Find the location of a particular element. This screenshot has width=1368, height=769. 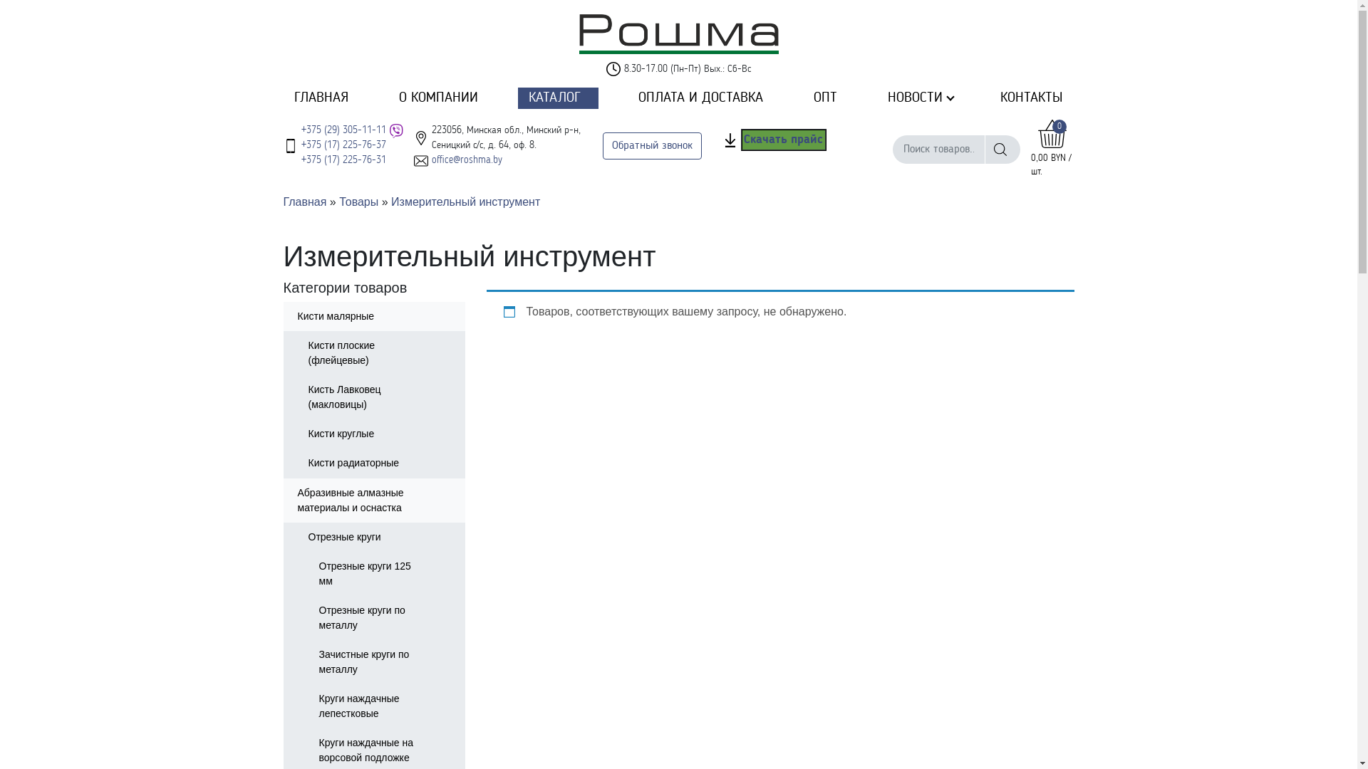

'+375 (17) 225-76-31' is located at coordinates (343, 159).